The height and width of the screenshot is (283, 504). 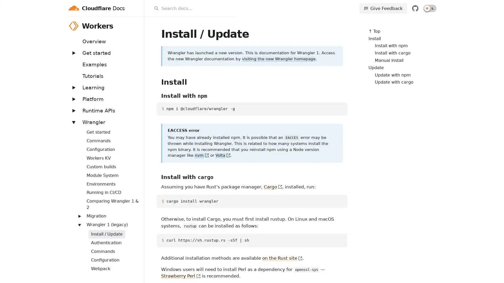 What do you see at coordinates (76, 221) in the screenshot?
I see `Expand: Routing` at bounding box center [76, 221].